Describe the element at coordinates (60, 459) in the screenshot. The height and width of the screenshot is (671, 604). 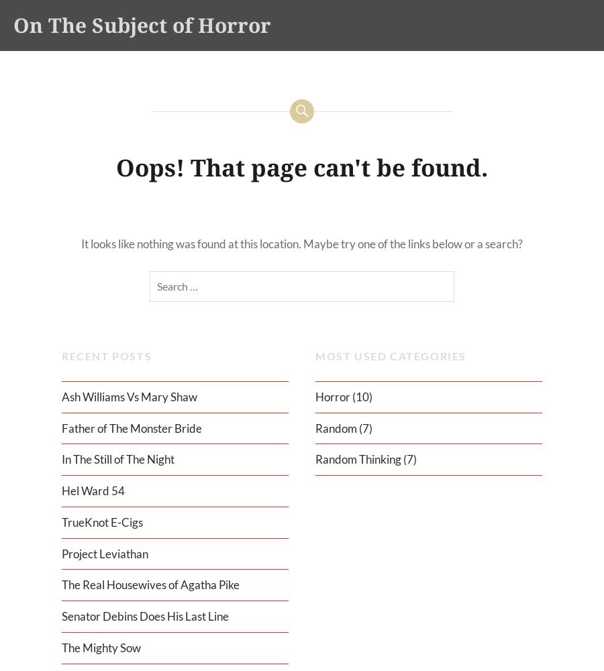
I see `'In The Still of The Night'` at that location.